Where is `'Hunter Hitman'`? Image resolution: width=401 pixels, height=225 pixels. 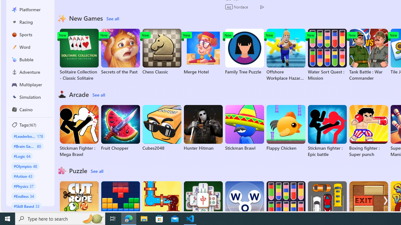
'Hunter Hitman' is located at coordinates (203, 128).